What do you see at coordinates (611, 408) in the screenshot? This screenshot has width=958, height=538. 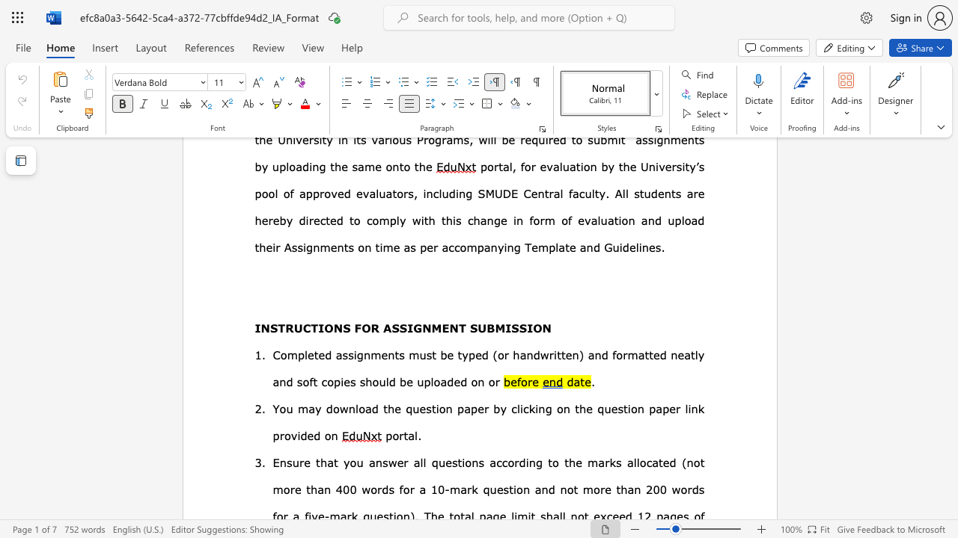 I see `the subset text "estion pa" within the text "You may download the question paper by clicking on the question paper link provided on"` at bounding box center [611, 408].